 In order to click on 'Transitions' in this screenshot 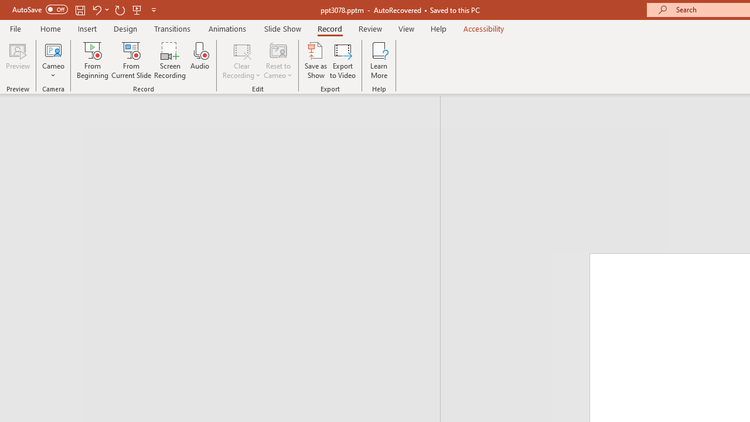, I will do `click(172, 28)`.